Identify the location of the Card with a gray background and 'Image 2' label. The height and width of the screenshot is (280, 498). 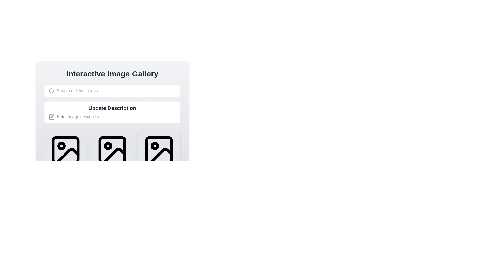
(112, 158).